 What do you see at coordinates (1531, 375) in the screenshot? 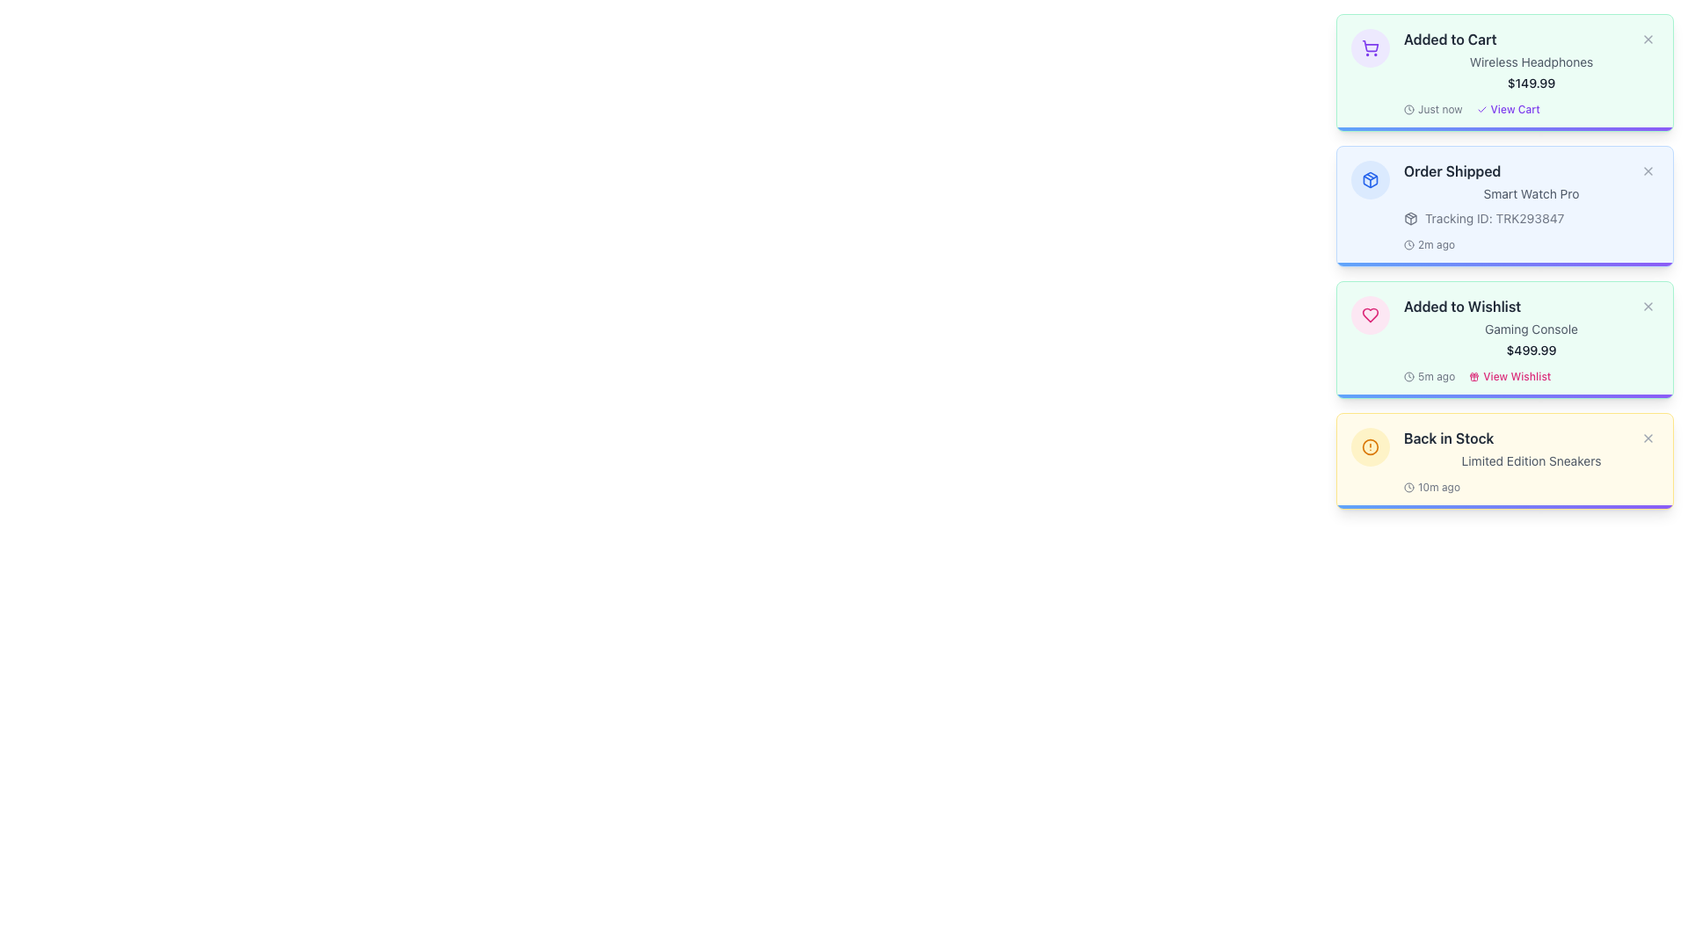
I see `the Compound text and link component labeled 'View Wishlist' within the 'Added to Wishlist' notification card` at bounding box center [1531, 375].